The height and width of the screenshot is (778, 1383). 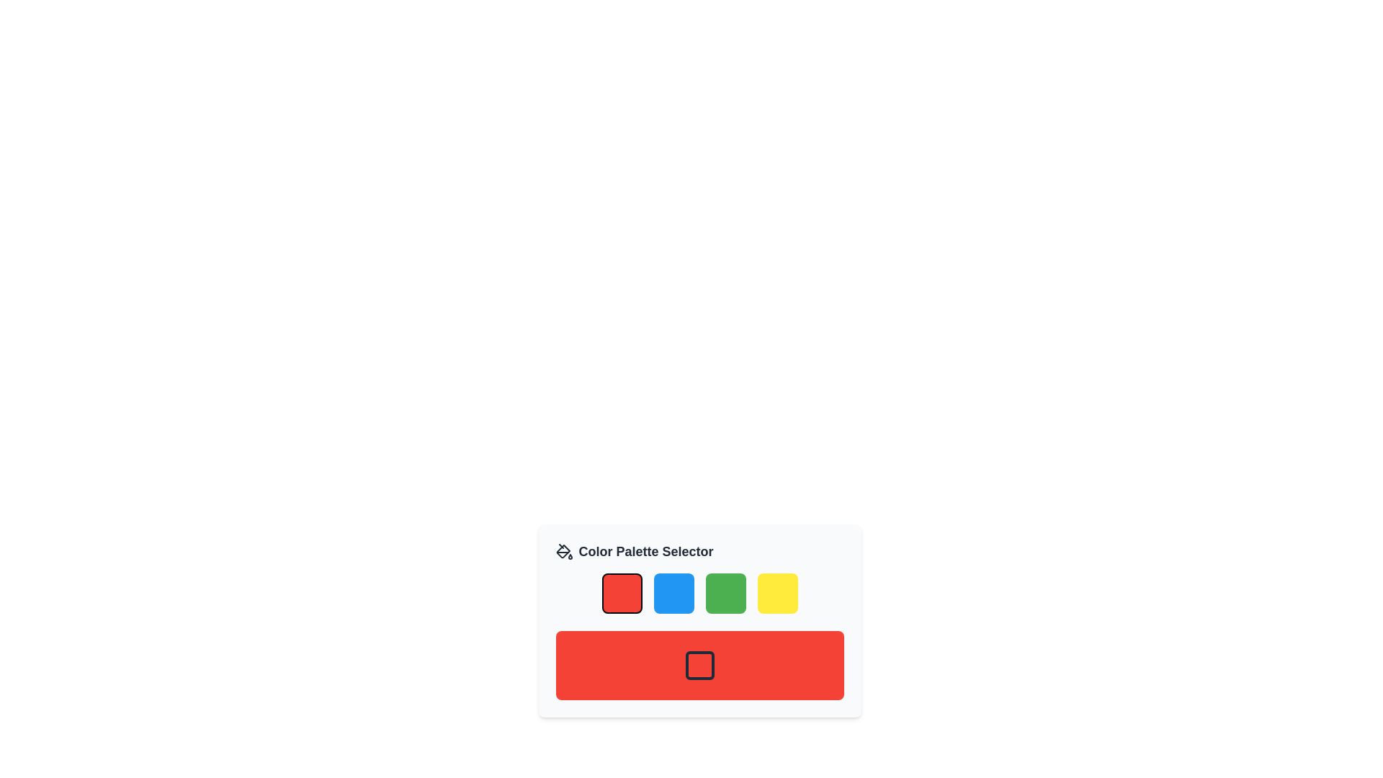 What do you see at coordinates (776, 594) in the screenshot?
I see `the interactive button for selecting the yellow color in the color palette, which is the last button in a row of four options` at bounding box center [776, 594].